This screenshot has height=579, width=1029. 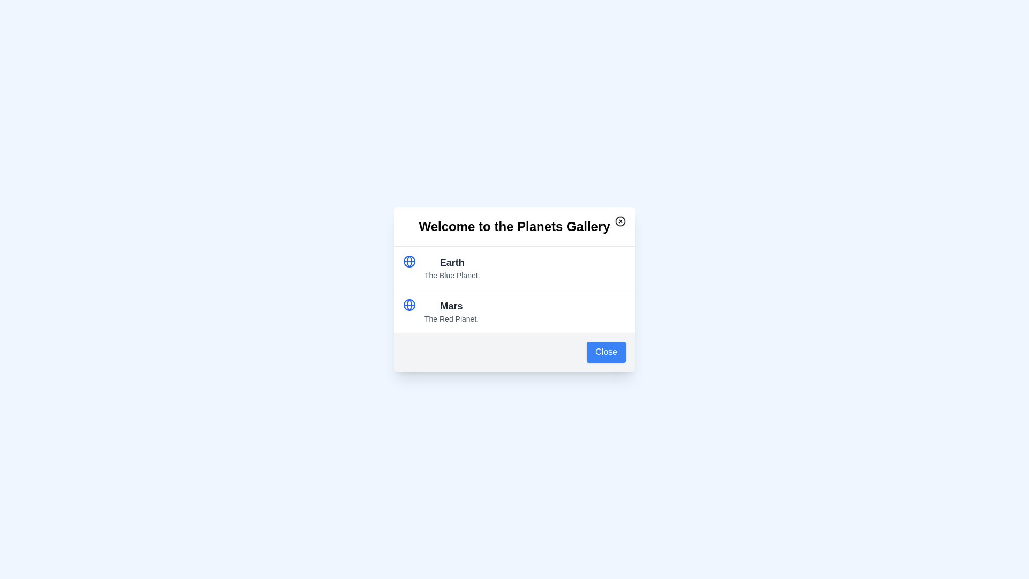 What do you see at coordinates (451, 306) in the screenshot?
I see `the item Mars from the list` at bounding box center [451, 306].